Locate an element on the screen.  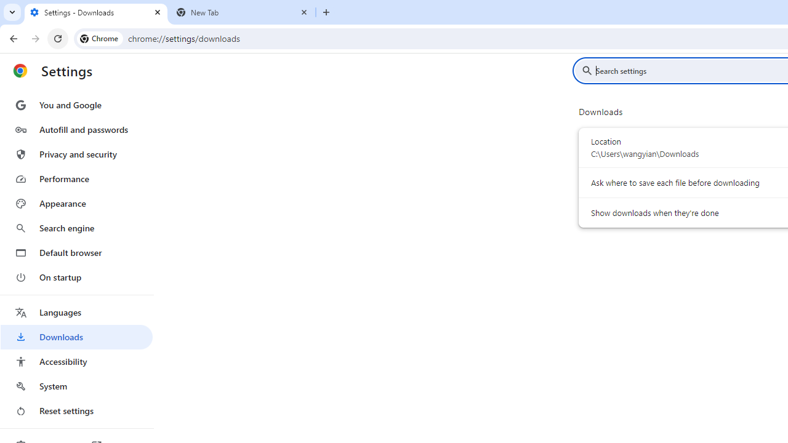
'Search engine' is located at coordinates (76, 228).